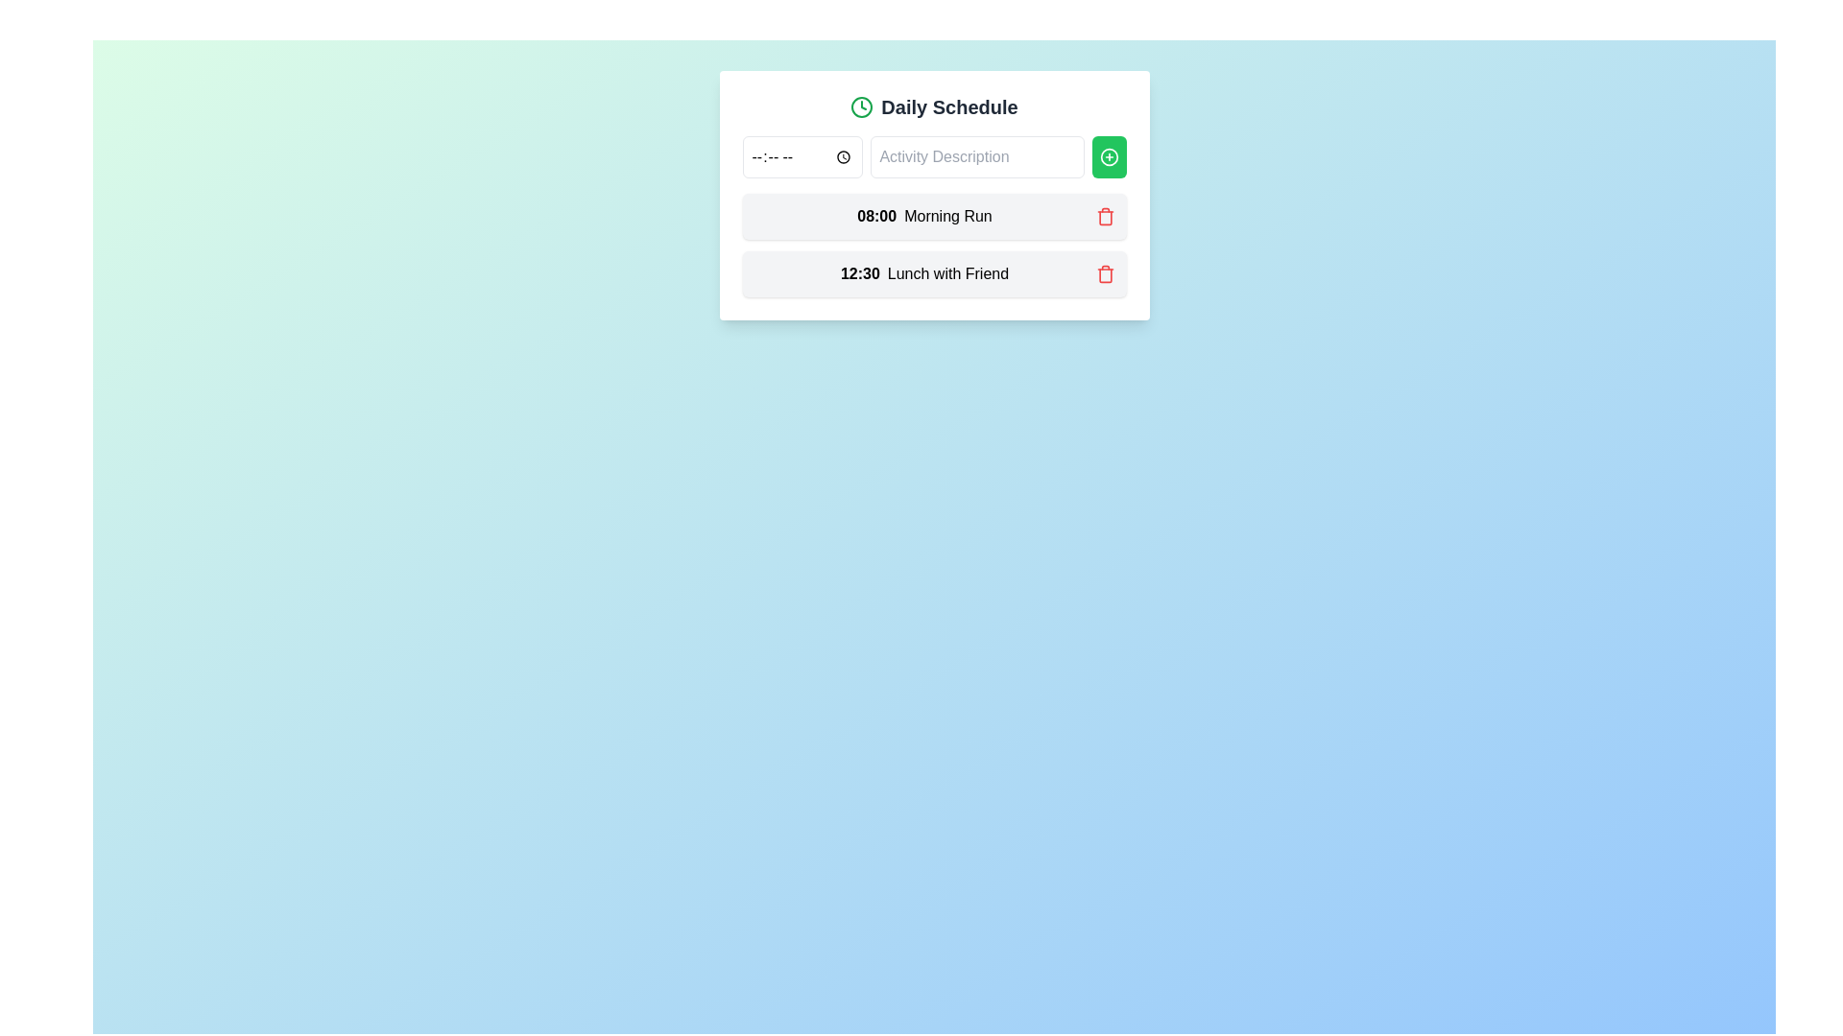 The height and width of the screenshot is (1036, 1843). What do you see at coordinates (924, 273) in the screenshot?
I see `information presented in the second scheduled activity text element located between '08:00 Morning Run' and the interactive trash icon` at bounding box center [924, 273].